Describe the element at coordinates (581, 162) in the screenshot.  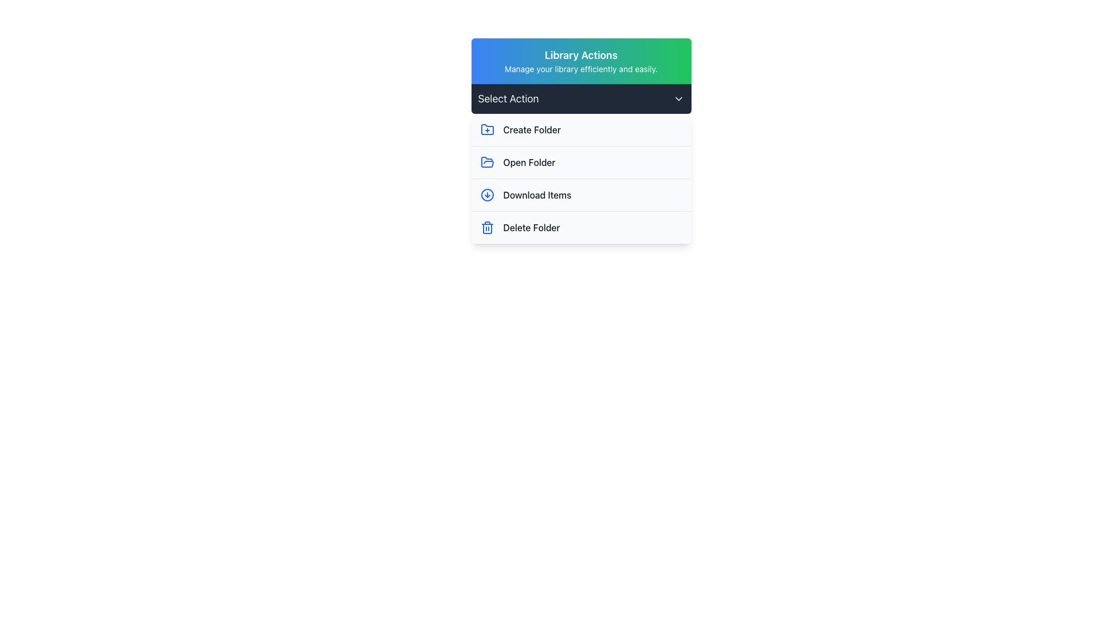
I see `the 'Open Folder' interactive menu option, which is the second item in the vertically stacked menu under the 'Library Actions' header` at that location.